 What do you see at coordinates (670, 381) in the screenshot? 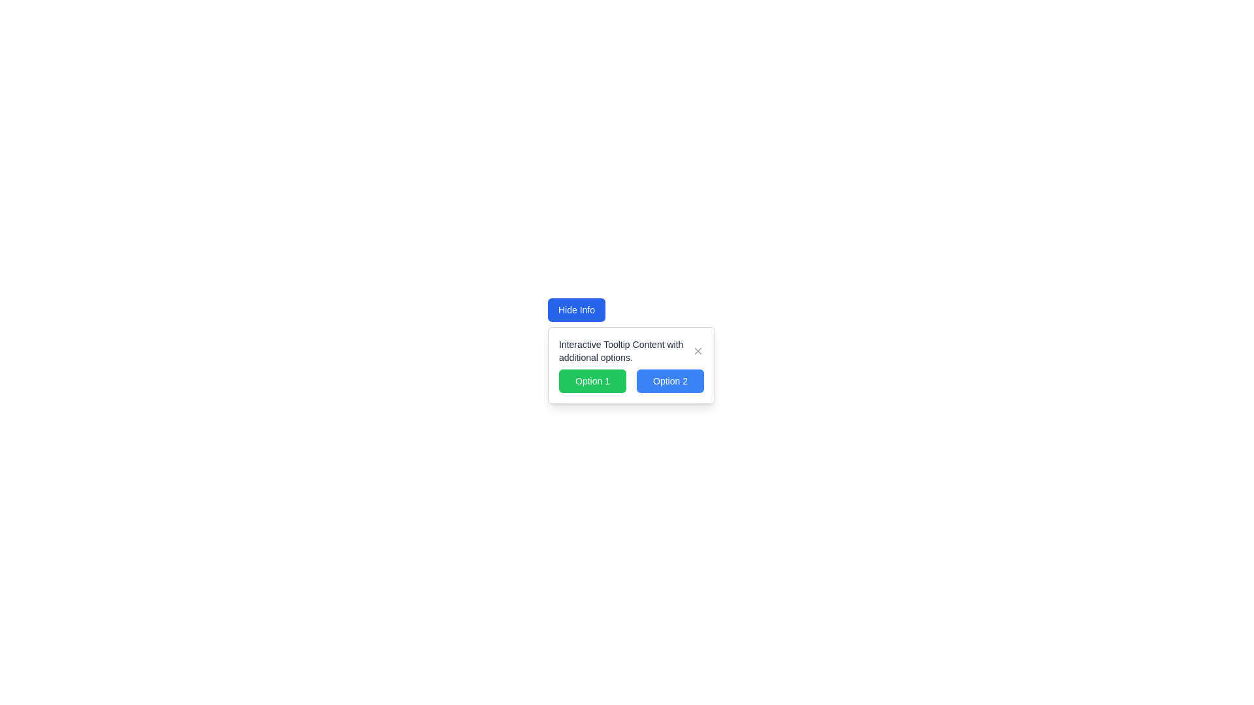
I see `the button that allows the user to select 'Option 2'` at bounding box center [670, 381].